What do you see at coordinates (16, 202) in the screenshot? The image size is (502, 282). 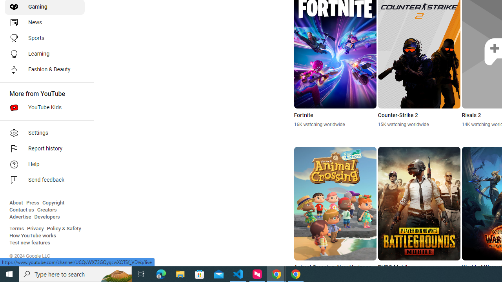 I see `'About'` at bounding box center [16, 202].